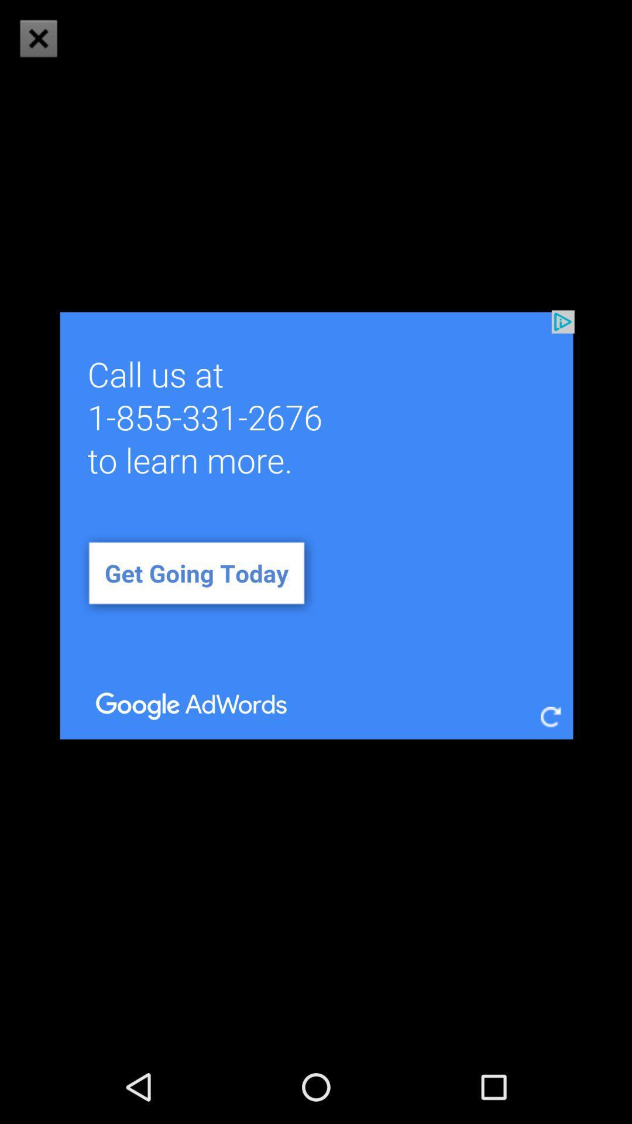 The image size is (632, 1124). I want to click on the close icon, so click(53, 57).